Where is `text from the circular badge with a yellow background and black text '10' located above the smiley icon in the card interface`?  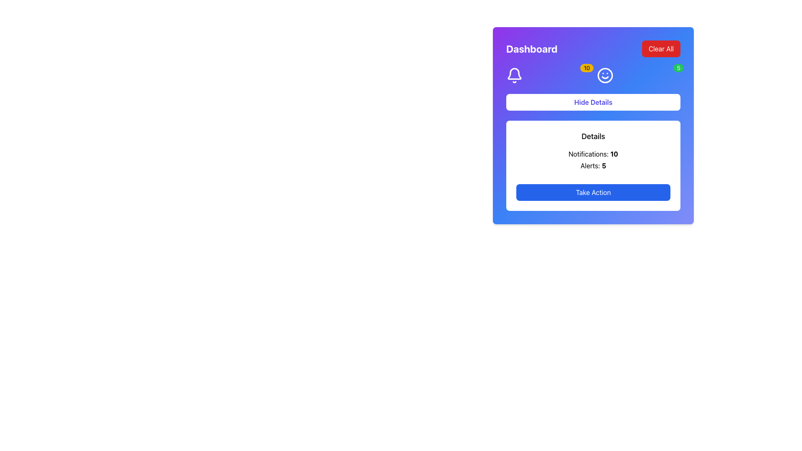 text from the circular badge with a yellow background and black text '10' located above the smiley icon in the card interface is located at coordinates (593, 76).